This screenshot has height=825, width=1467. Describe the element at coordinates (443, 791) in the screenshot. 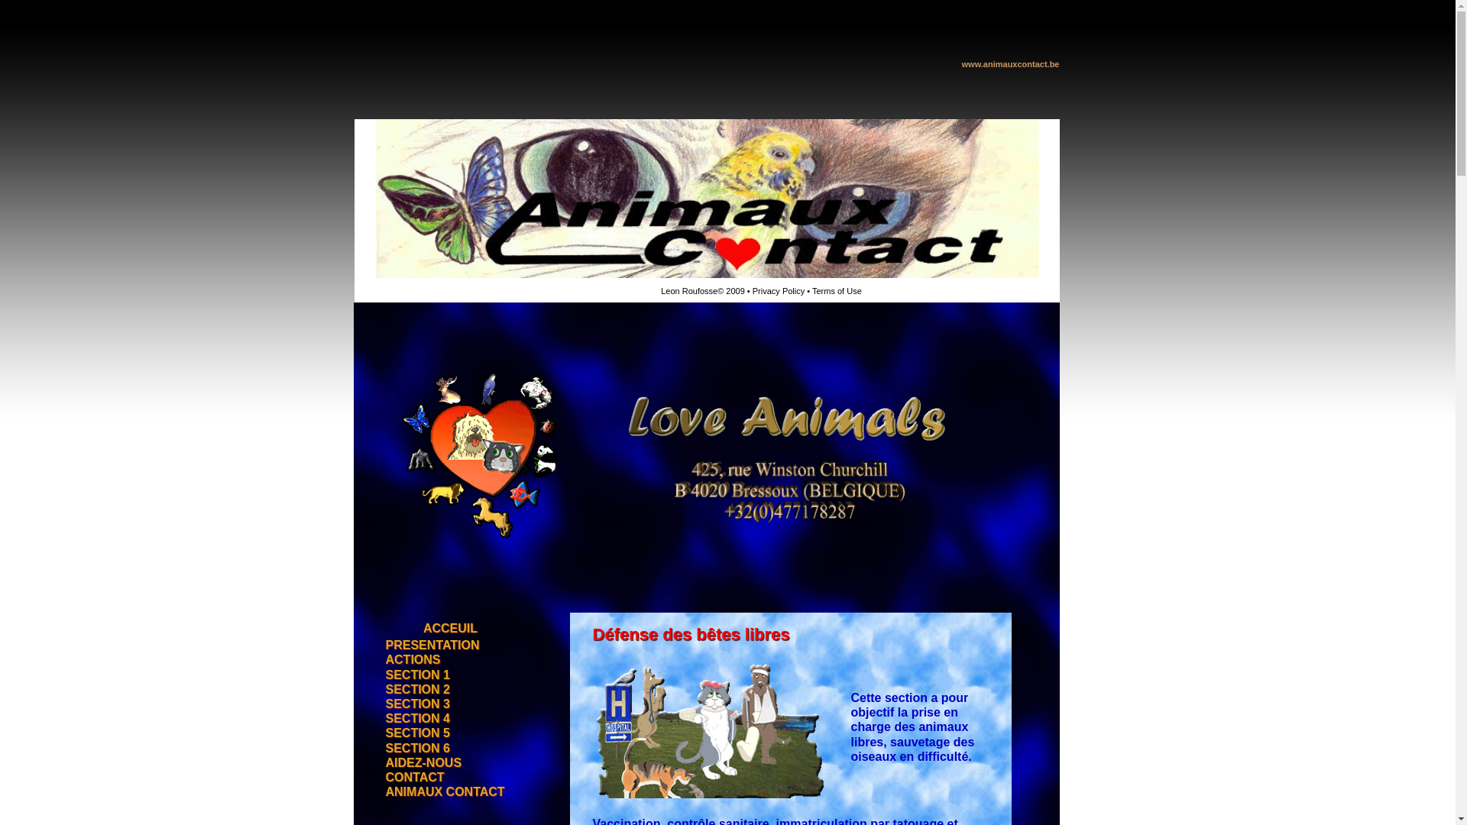

I see `'ANIMAUX CONTACT'` at that location.